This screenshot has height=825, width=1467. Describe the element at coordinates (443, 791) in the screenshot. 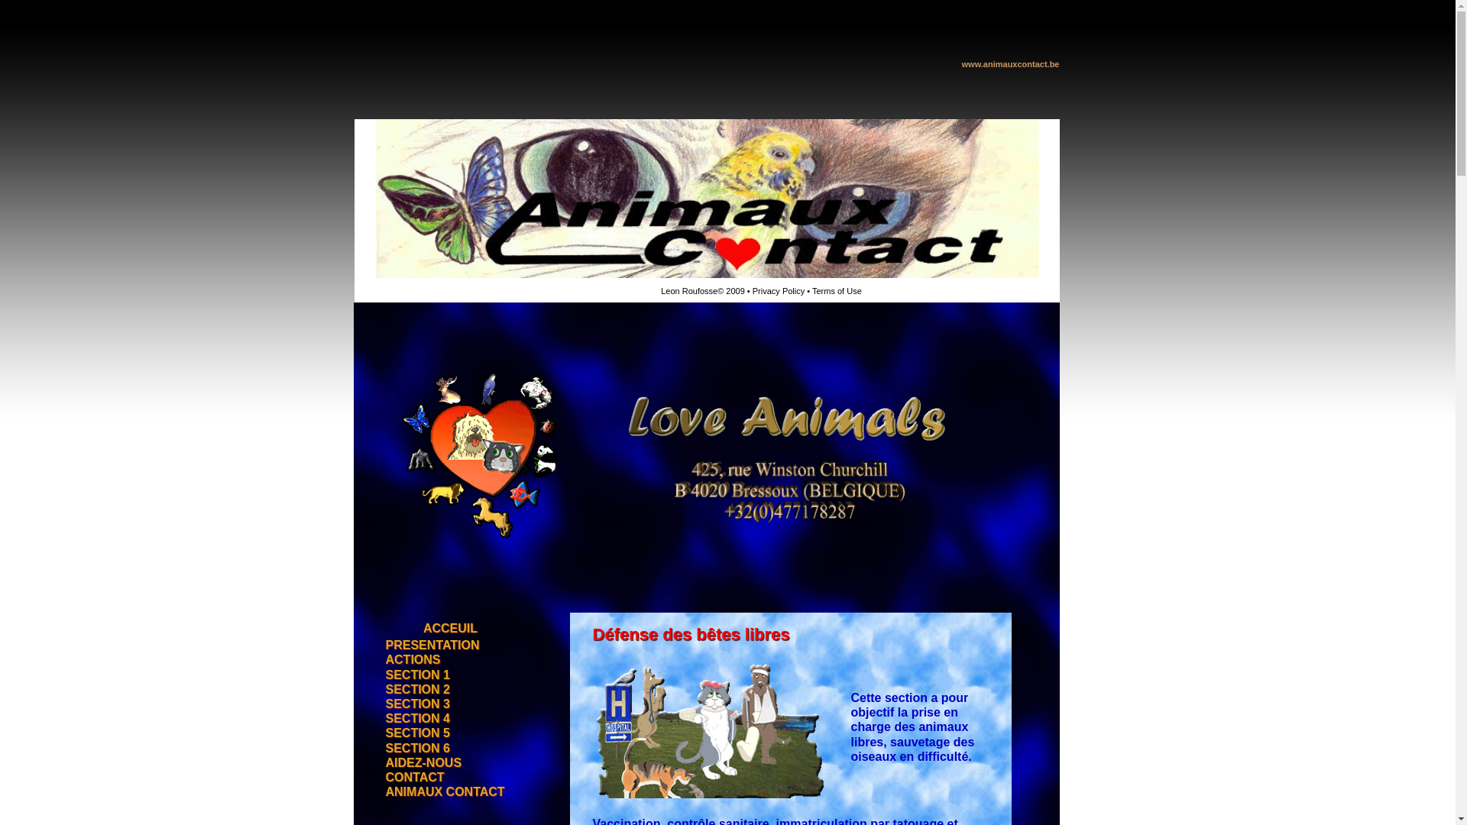

I see `'ANIMAUX CONTACT'` at that location.